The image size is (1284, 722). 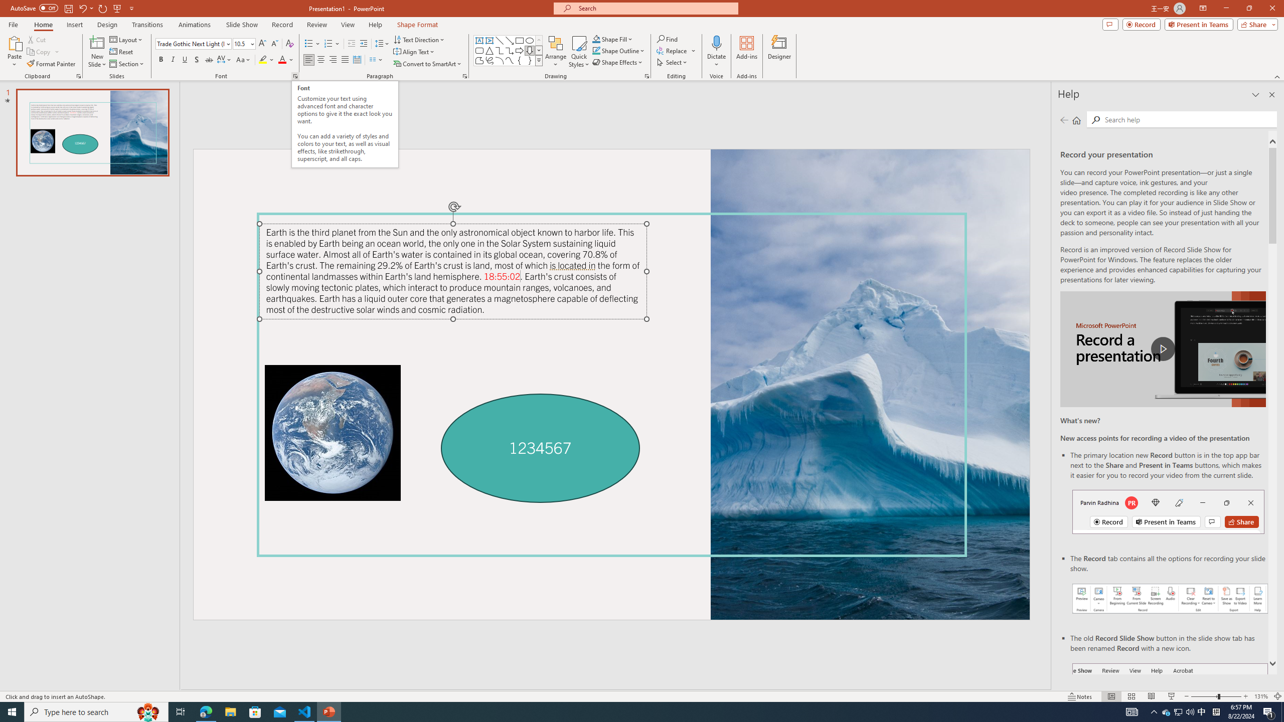 I want to click on 'Numbering', so click(x=333, y=44).